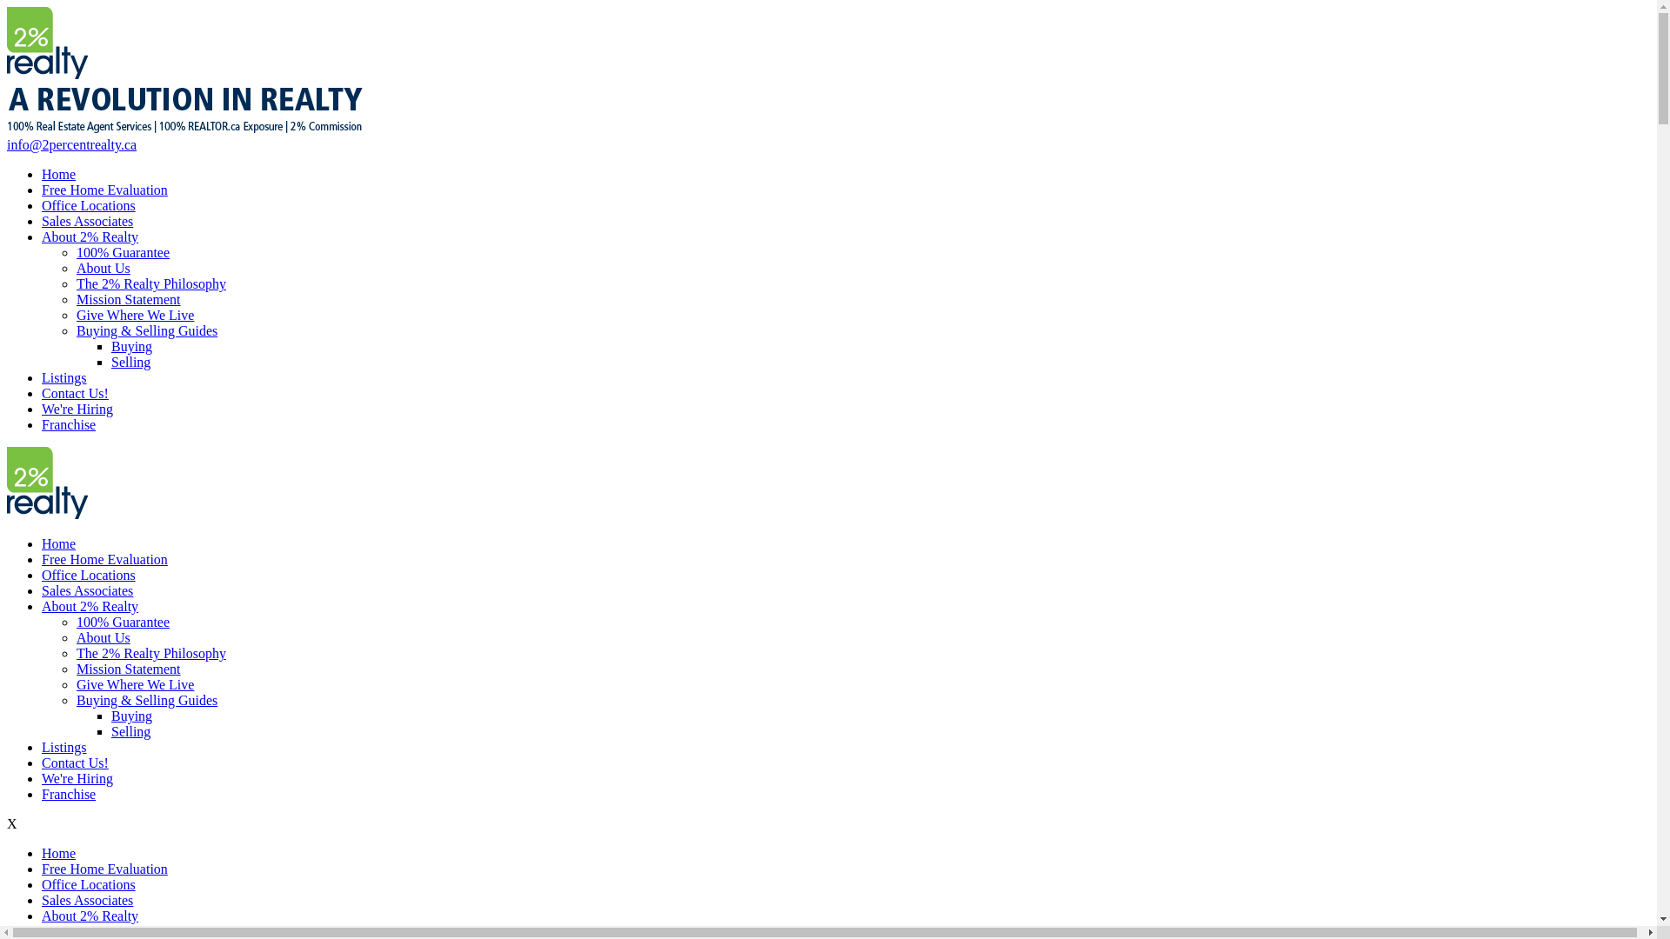  I want to click on 'Franchise', so click(68, 794).